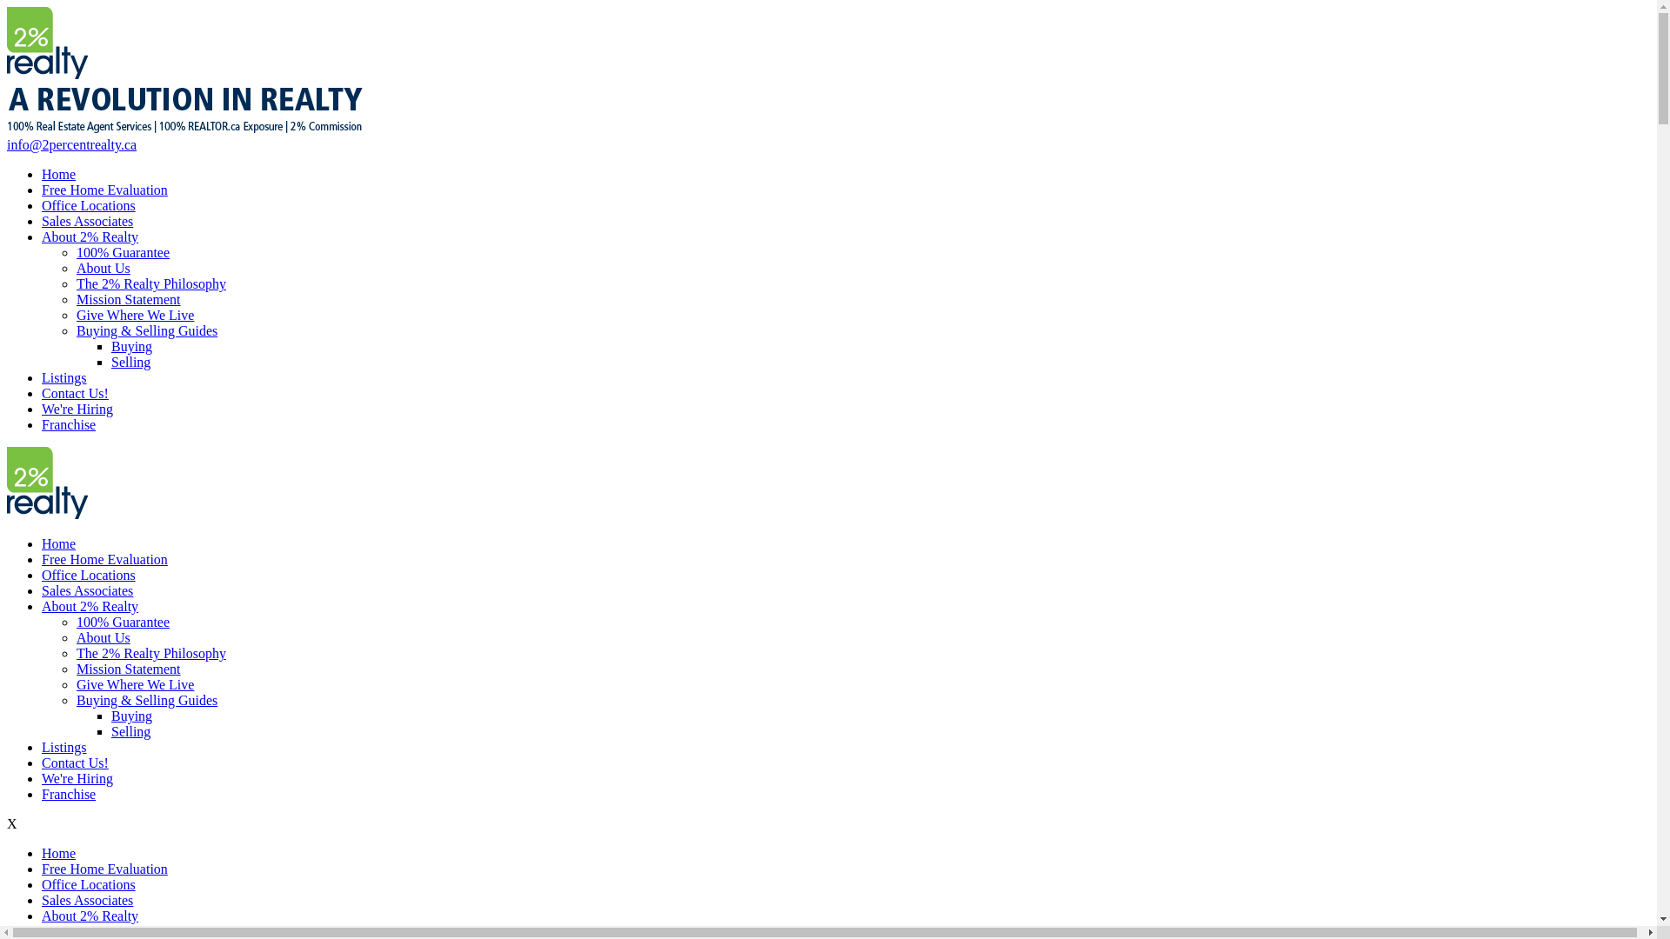  I want to click on 'Franchise', so click(68, 794).